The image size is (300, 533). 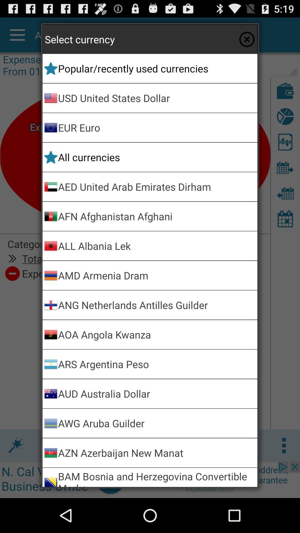 I want to click on bam bosnia and icon, so click(x=157, y=477).